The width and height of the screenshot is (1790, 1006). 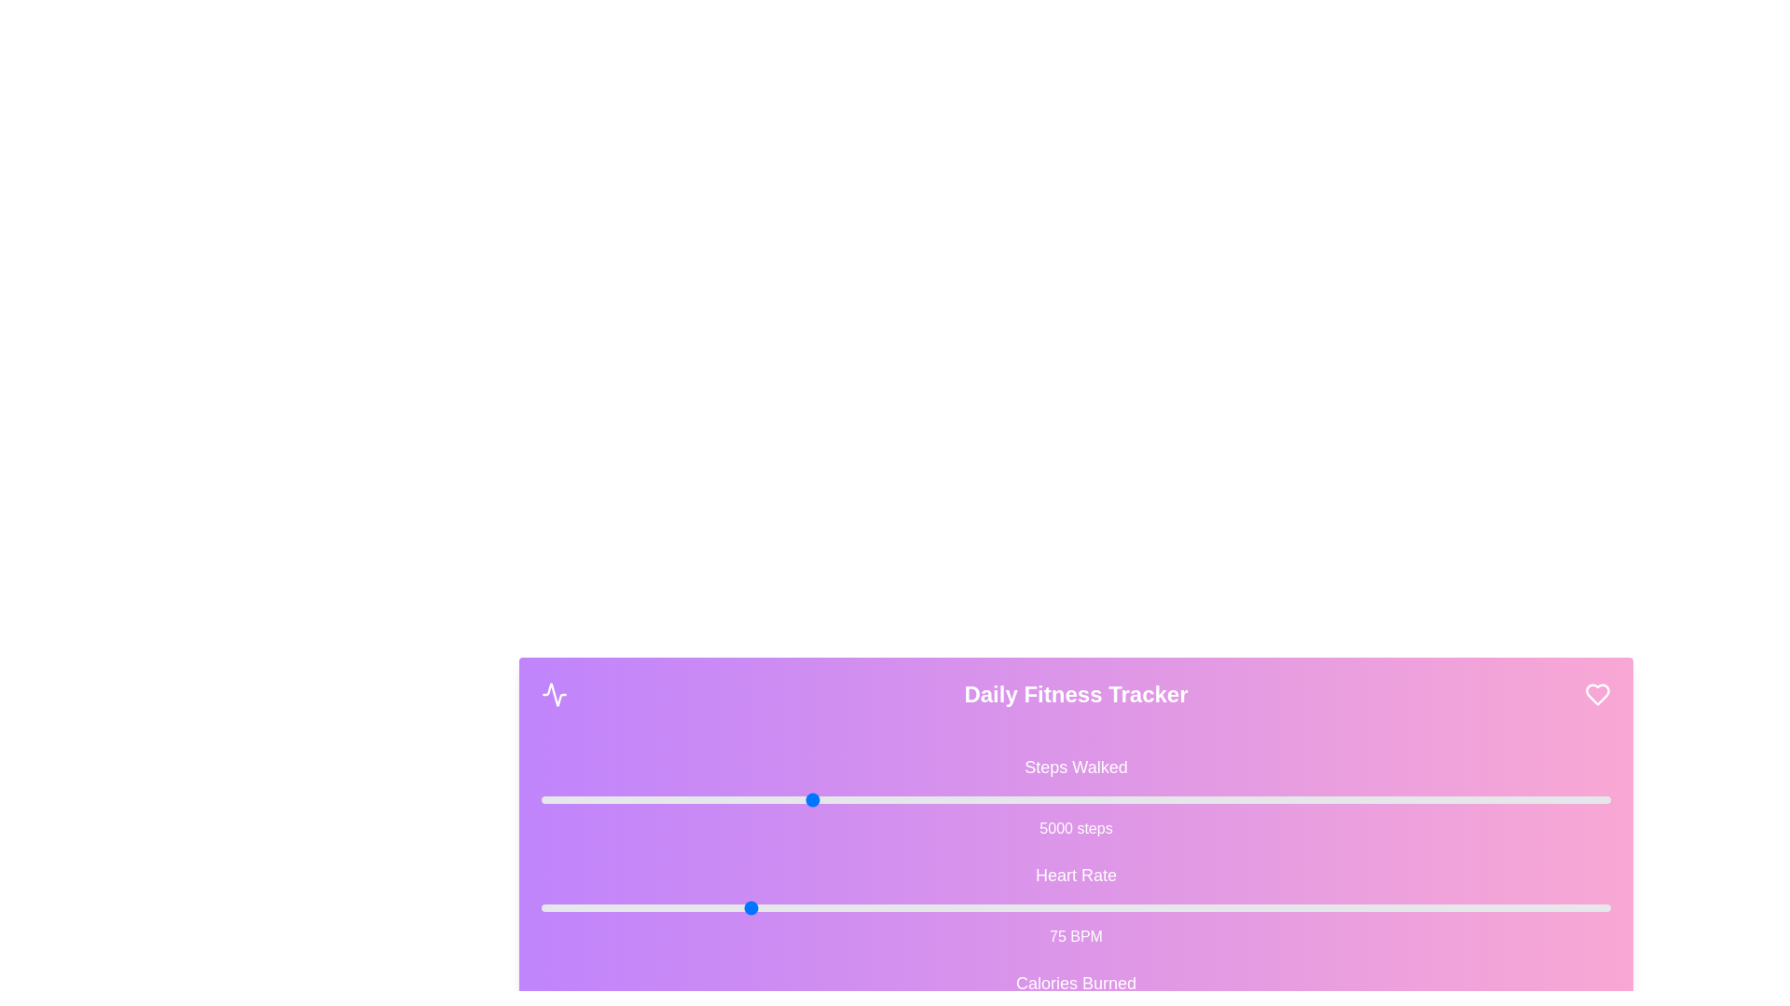 What do you see at coordinates (1584, 799) in the screenshot?
I see `the 'Steps Walked' slider to set its value to 19528` at bounding box center [1584, 799].